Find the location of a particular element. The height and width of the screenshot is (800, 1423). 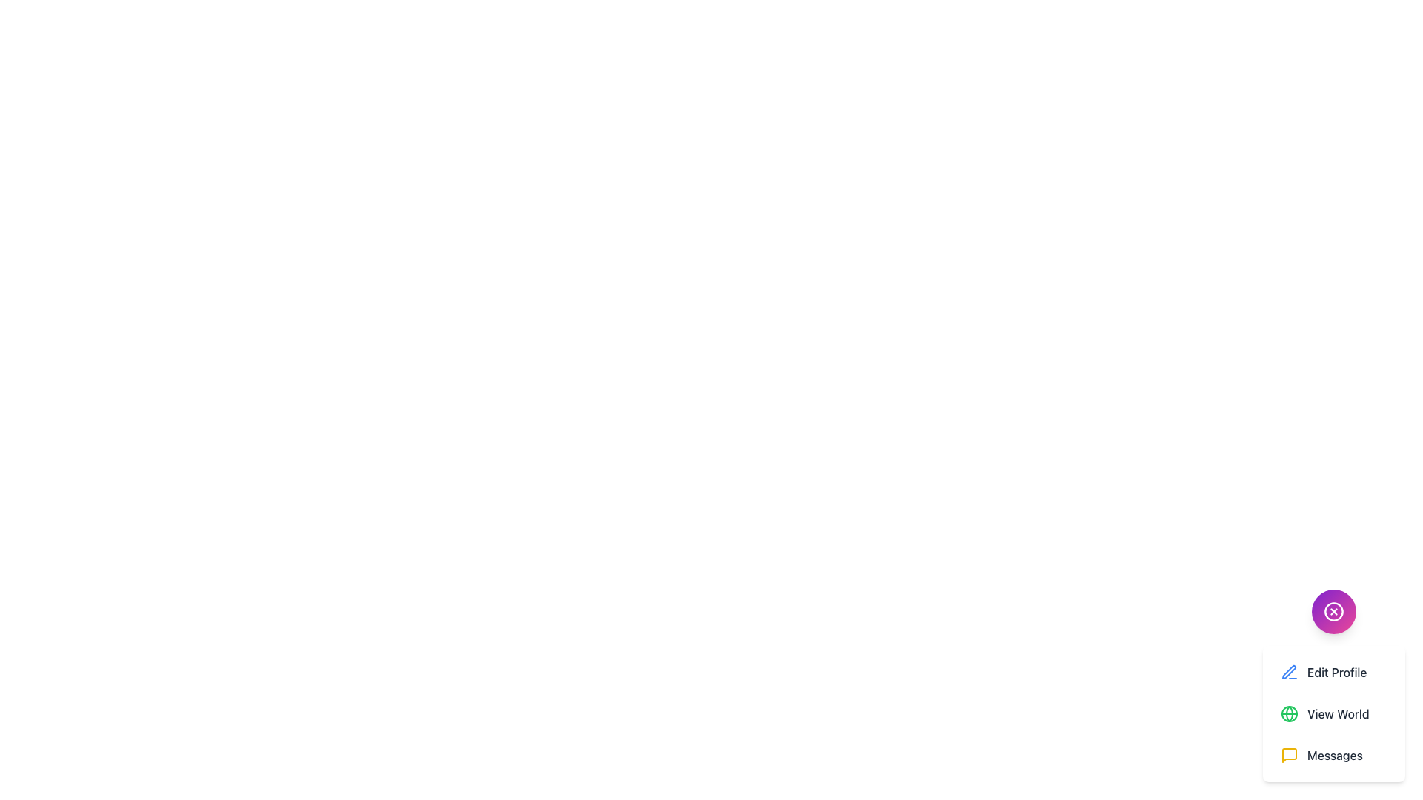

the globe icon, which is the second option is located at coordinates (1288, 713).